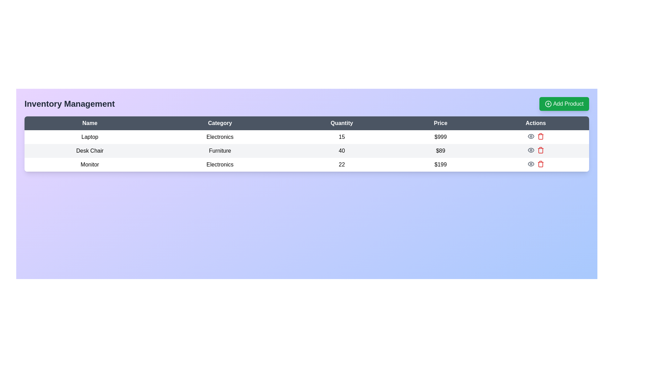  I want to click on text label that serves as the header for the 'Name' column in the table, located at the top-left of the table, above the first cell with the content 'Laptop', so click(89, 123).